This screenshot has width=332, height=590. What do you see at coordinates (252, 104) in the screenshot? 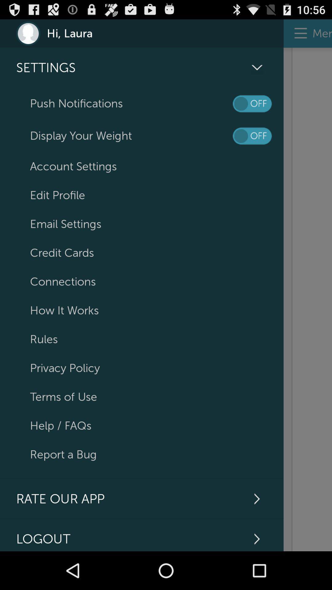
I see `switch notifications option` at bounding box center [252, 104].